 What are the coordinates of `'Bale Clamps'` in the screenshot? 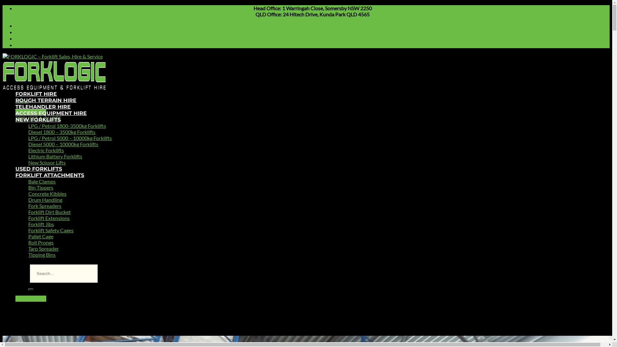 It's located at (41, 181).